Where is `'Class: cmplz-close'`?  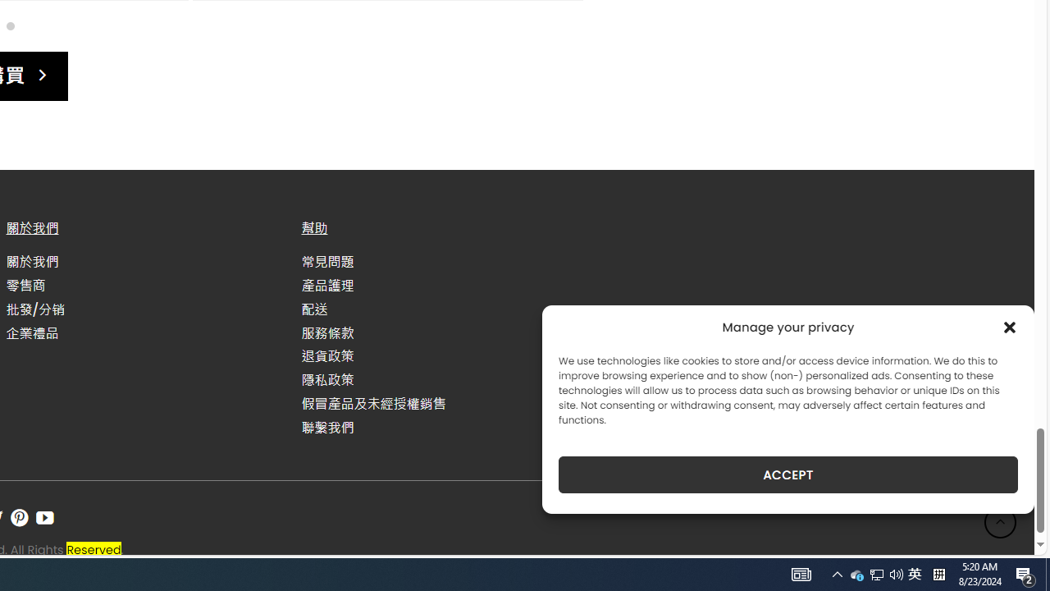
'Class: cmplz-close' is located at coordinates (1009, 327).